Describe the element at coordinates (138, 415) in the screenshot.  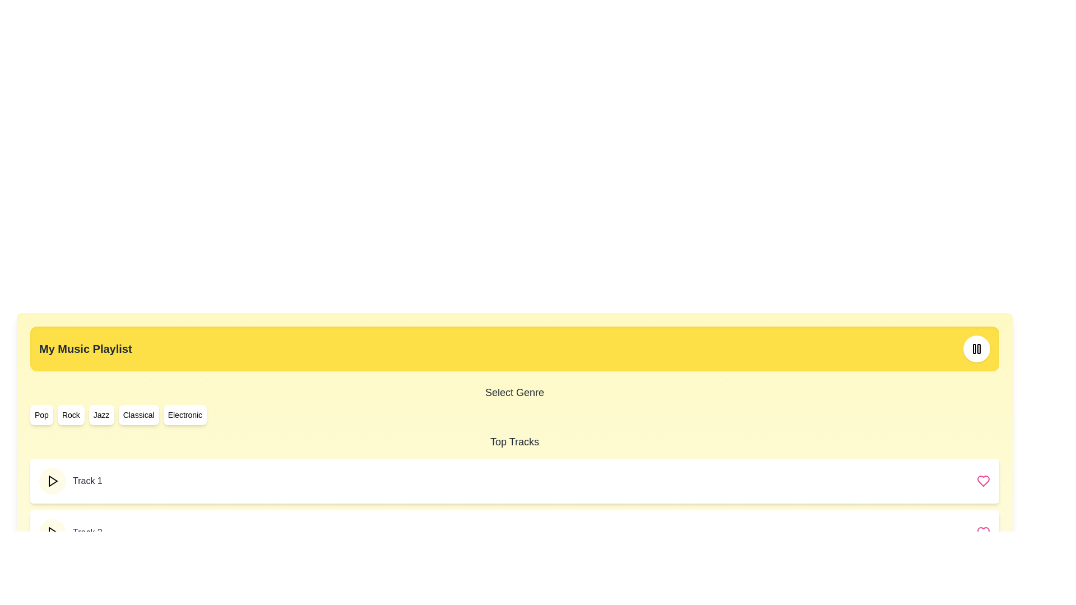
I see `the 'Classical' genre button, which is the fourth button in the horizontal list under 'Select Genre' in the 'My Music Playlist' section, to change its background color` at that location.